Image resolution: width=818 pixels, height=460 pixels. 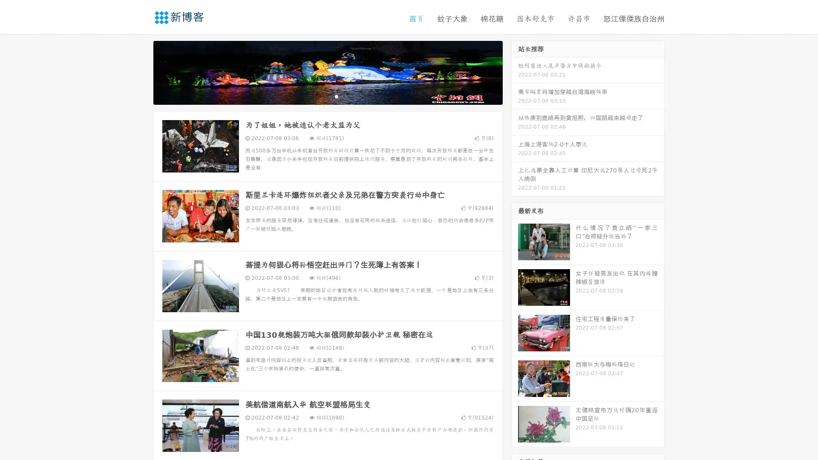 What do you see at coordinates (336, 96) in the screenshot?
I see `Go to slide 3` at bounding box center [336, 96].